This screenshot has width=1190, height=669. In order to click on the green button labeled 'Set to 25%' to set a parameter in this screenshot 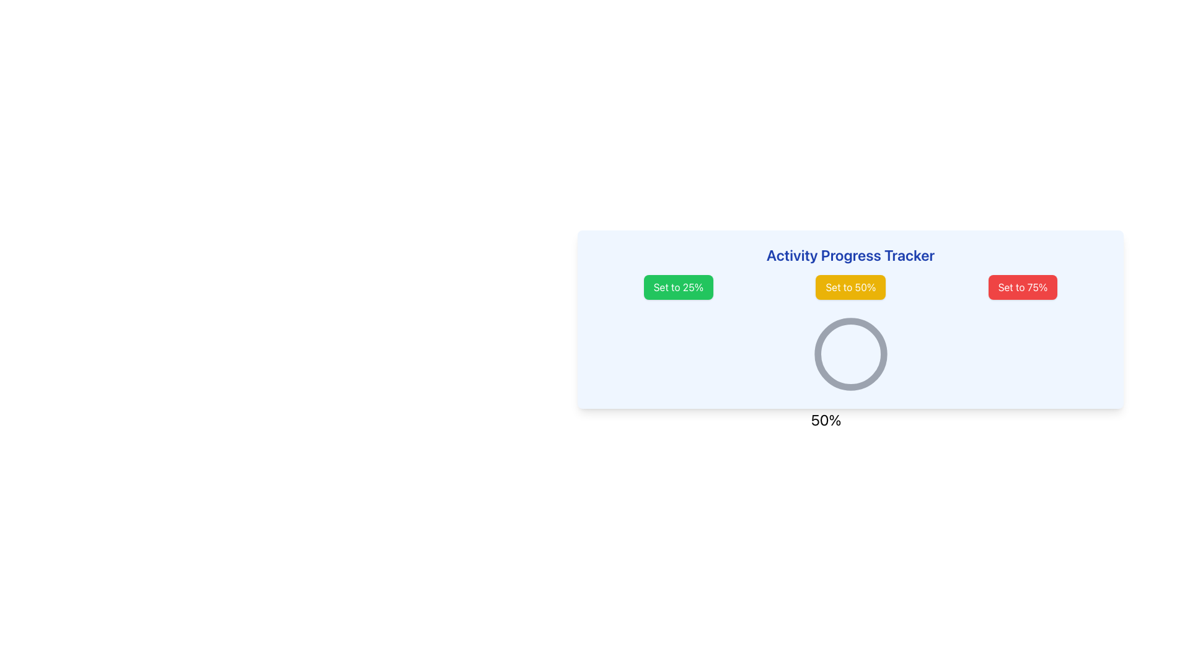, I will do `click(677, 287)`.